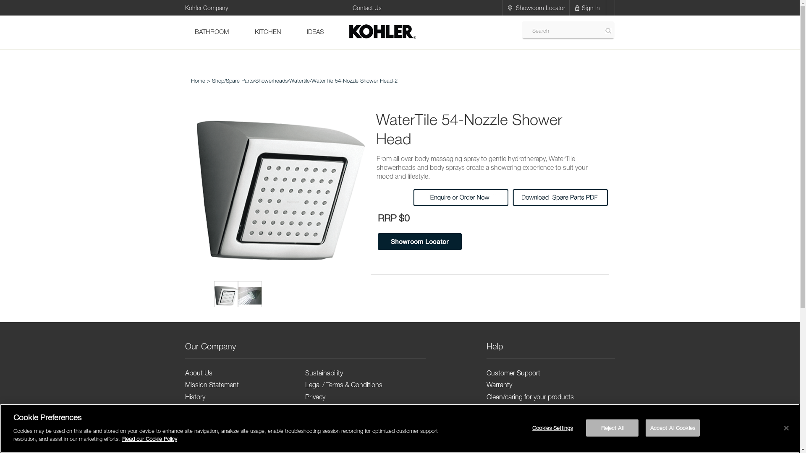 This screenshot has width=806, height=453. Describe the element at coordinates (531, 30) in the screenshot. I see `'Search'` at that location.